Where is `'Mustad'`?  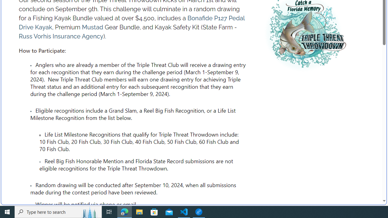
'Mustad' is located at coordinates (92, 27).